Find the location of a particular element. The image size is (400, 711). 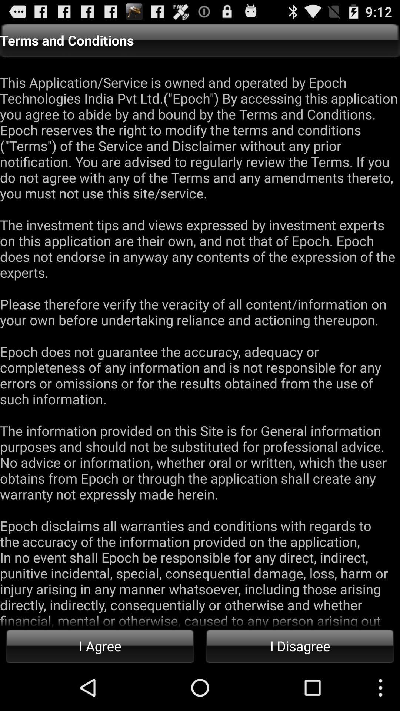

i agree  button is located at coordinates (100, 645).